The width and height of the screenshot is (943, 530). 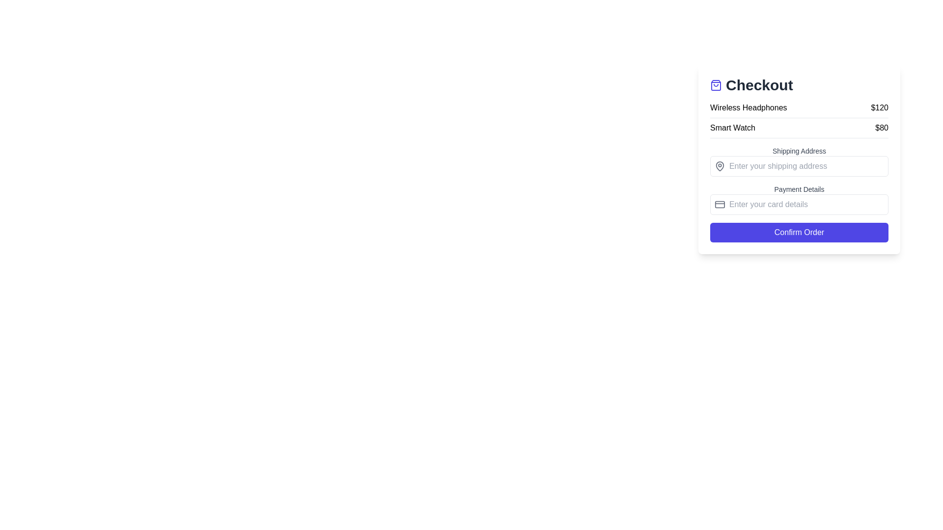 I want to click on the 'Shipping Address' text label, which is styled in medium gray font and positioned above the shipping address input field in the 'Checkout' card UI, so click(x=799, y=151).